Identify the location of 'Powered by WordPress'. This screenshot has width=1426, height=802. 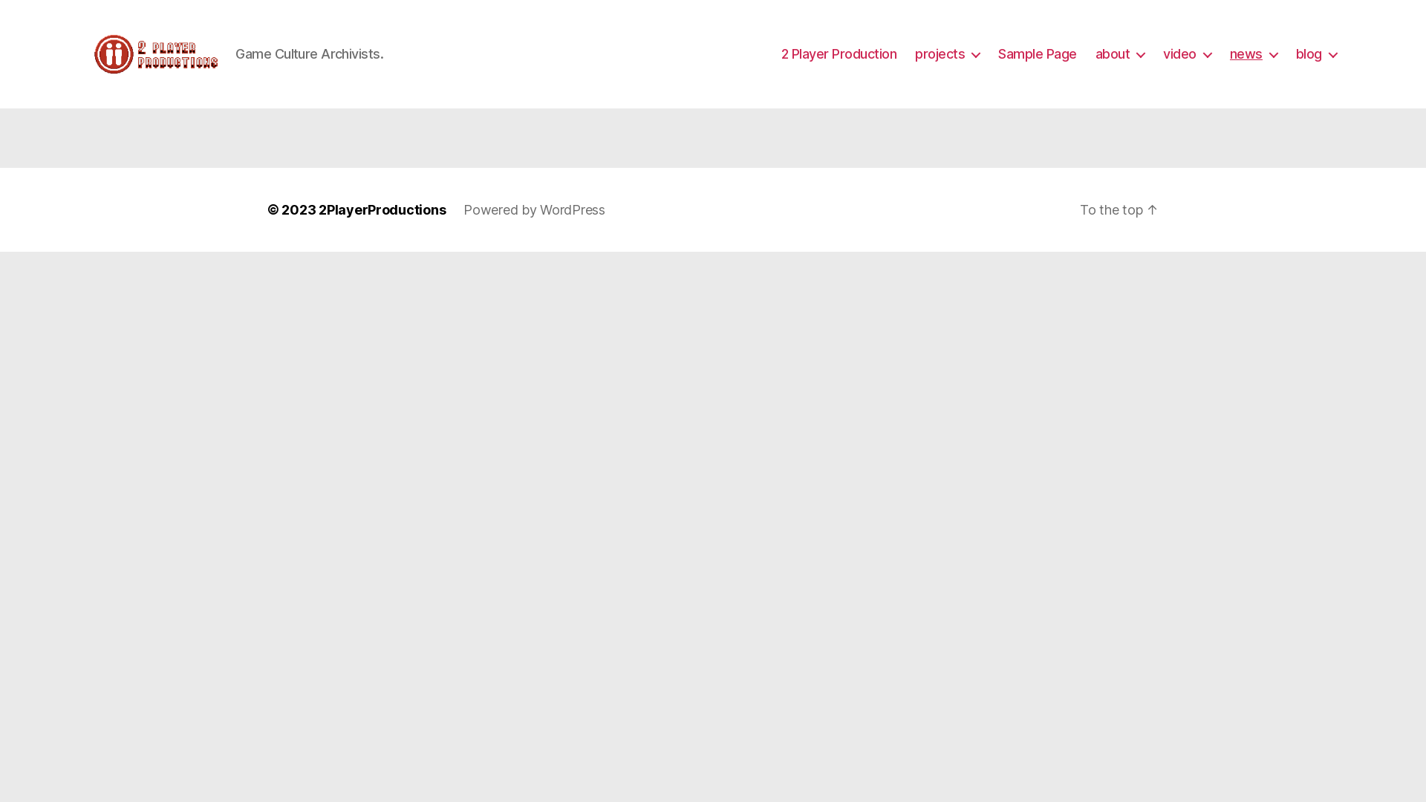
(534, 209).